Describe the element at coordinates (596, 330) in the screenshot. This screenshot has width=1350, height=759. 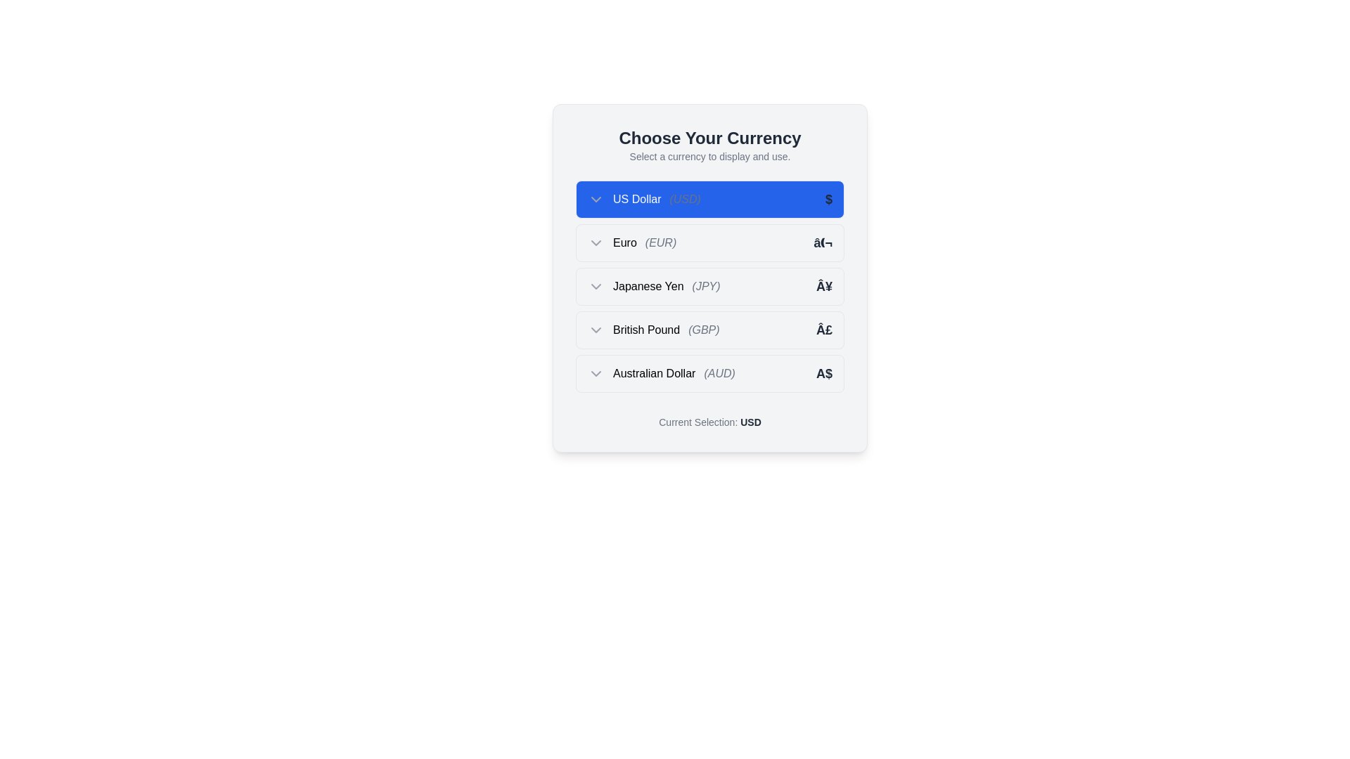
I see `the chevron-down icon indicating the dropdown menu for 'British Pound (GBP)'` at that location.